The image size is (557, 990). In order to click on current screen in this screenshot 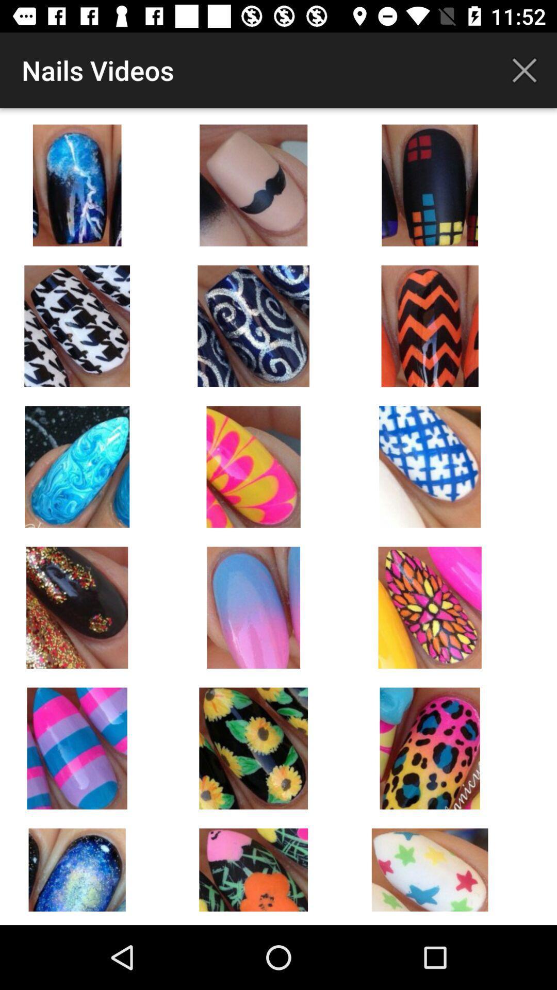, I will do `click(525, 70)`.